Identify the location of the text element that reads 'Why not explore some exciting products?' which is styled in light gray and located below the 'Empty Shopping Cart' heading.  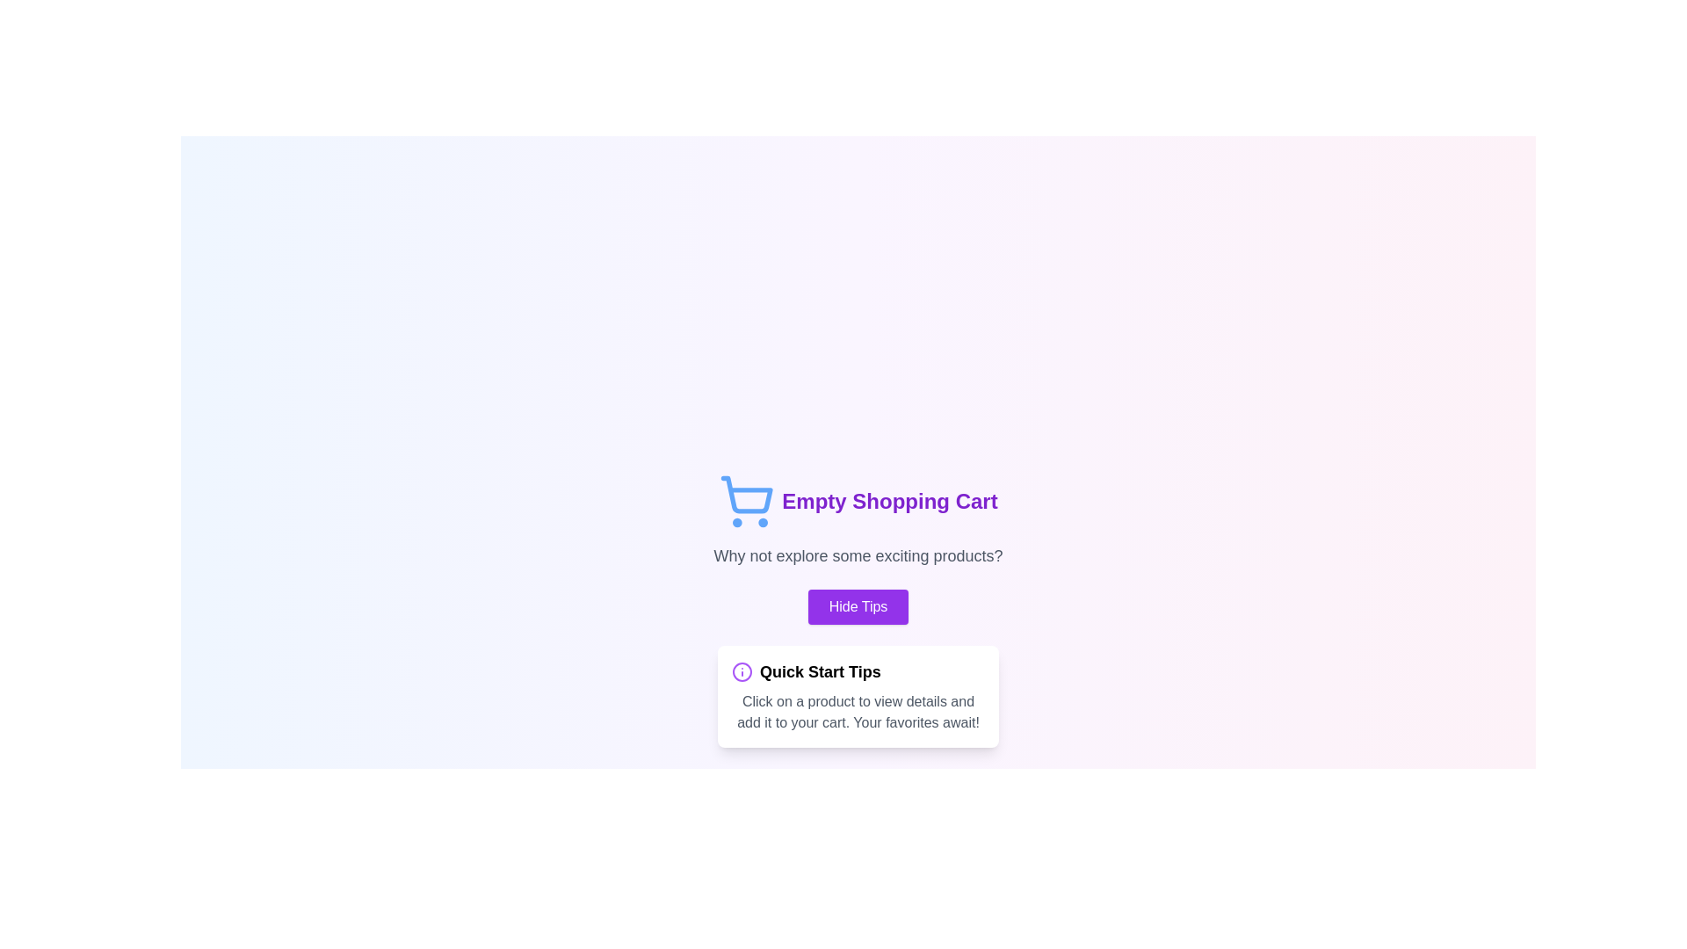
(858, 555).